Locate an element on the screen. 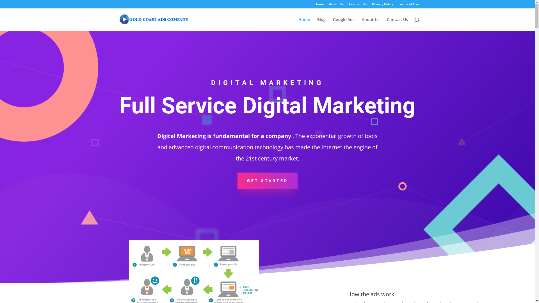 The width and height of the screenshot is (539, 303). 'Terms of Use' is located at coordinates (408, 5).